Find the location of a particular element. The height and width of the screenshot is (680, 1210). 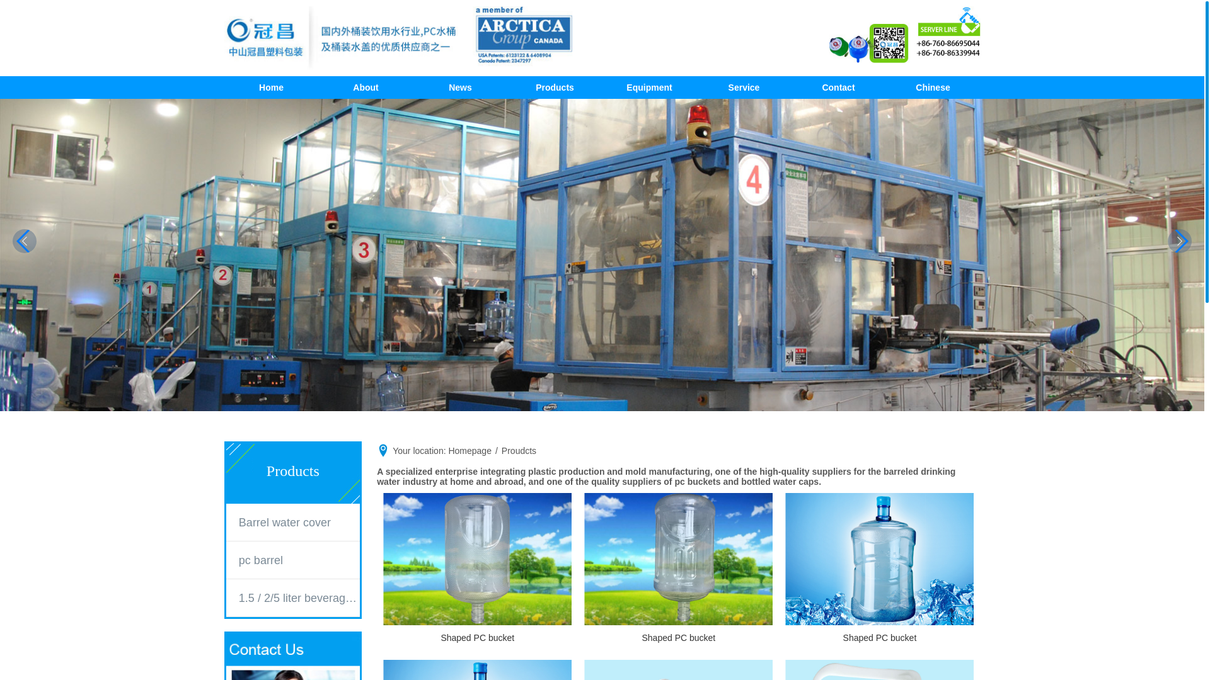

'About' is located at coordinates (365, 86).